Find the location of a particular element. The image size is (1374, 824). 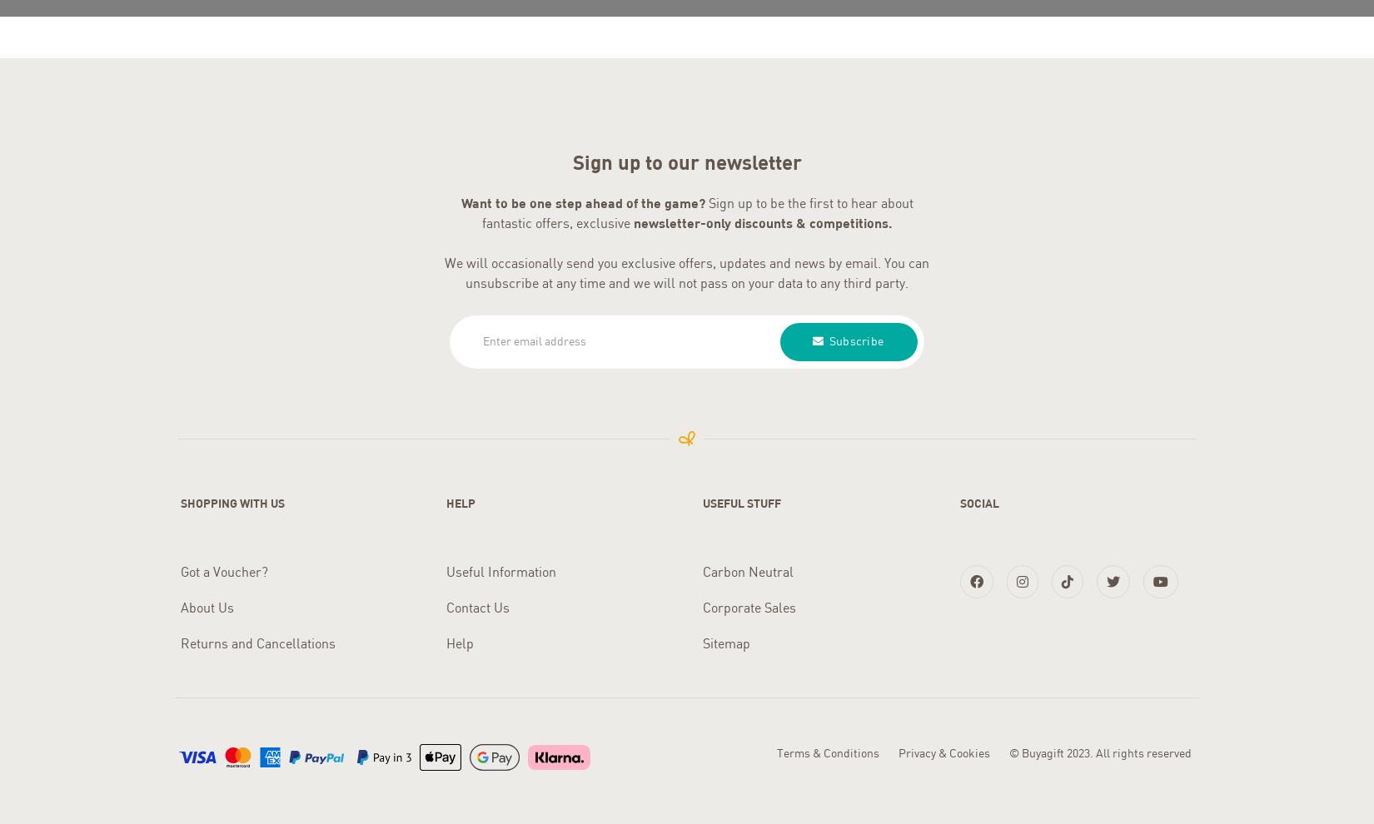

'Social' is located at coordinates (979, 499).